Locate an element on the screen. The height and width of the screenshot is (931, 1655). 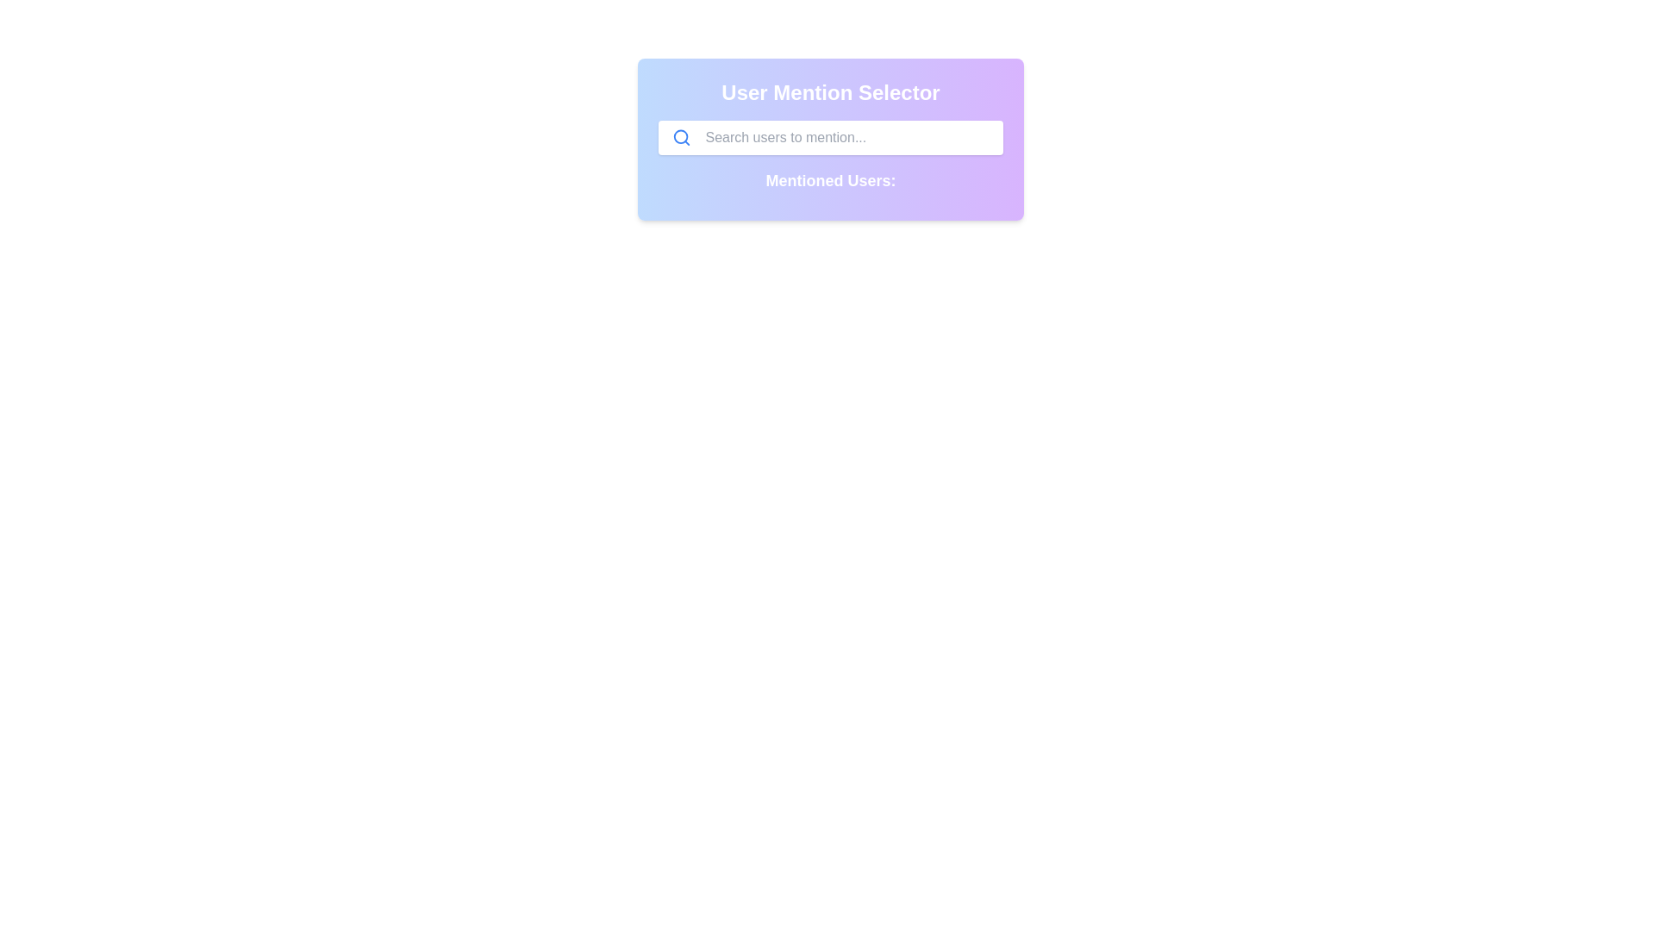
the inner circular part of the magnifying glass icon, which signifies the search feature, located near the top center of the 'User Mention Selector' interface panel is located at coordinates (680, 136).